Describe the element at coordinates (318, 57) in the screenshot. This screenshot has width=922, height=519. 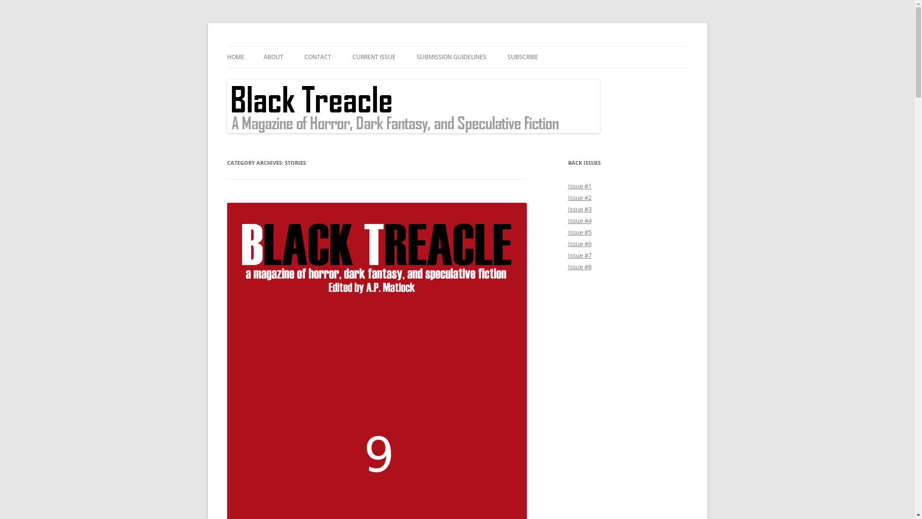
I see `'CONTACT'` at that location.